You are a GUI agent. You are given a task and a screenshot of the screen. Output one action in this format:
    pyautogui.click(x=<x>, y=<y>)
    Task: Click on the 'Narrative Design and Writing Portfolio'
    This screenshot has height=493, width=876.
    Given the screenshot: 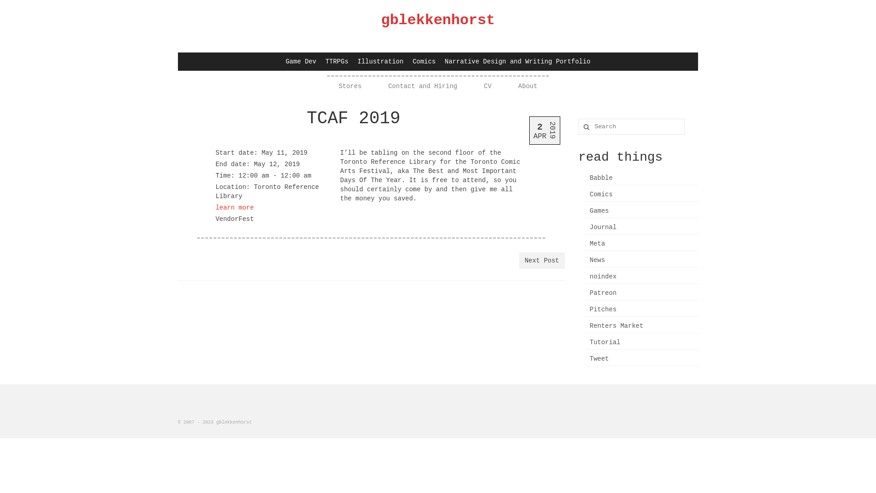 What is the action you would take?
    pyautogui.click(x=517, y=62)
    